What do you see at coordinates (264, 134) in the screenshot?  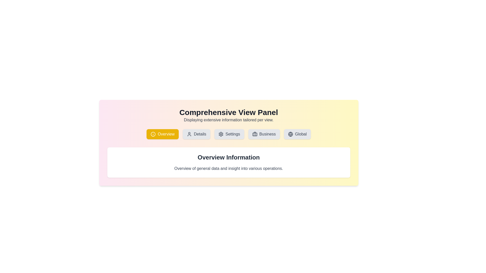 I see `the 'Business' interactive button located in the horizontal navigation bar below the page header` at bounding box center [264, 134].